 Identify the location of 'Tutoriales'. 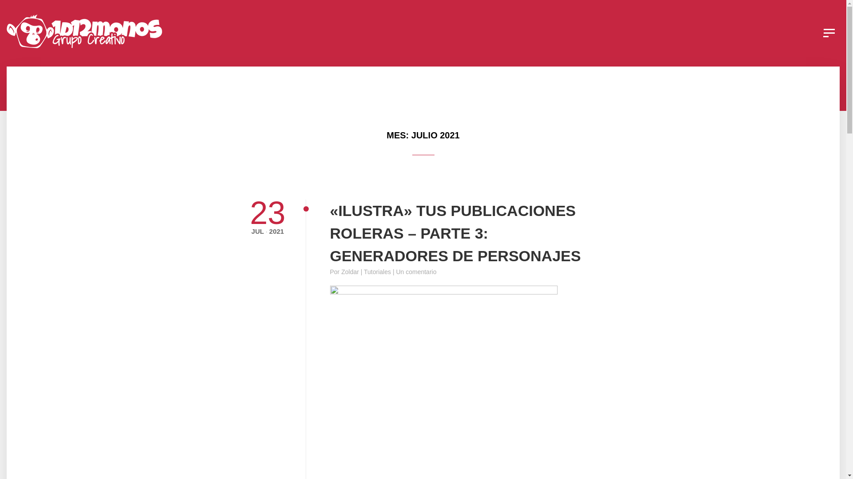
(377, 271).